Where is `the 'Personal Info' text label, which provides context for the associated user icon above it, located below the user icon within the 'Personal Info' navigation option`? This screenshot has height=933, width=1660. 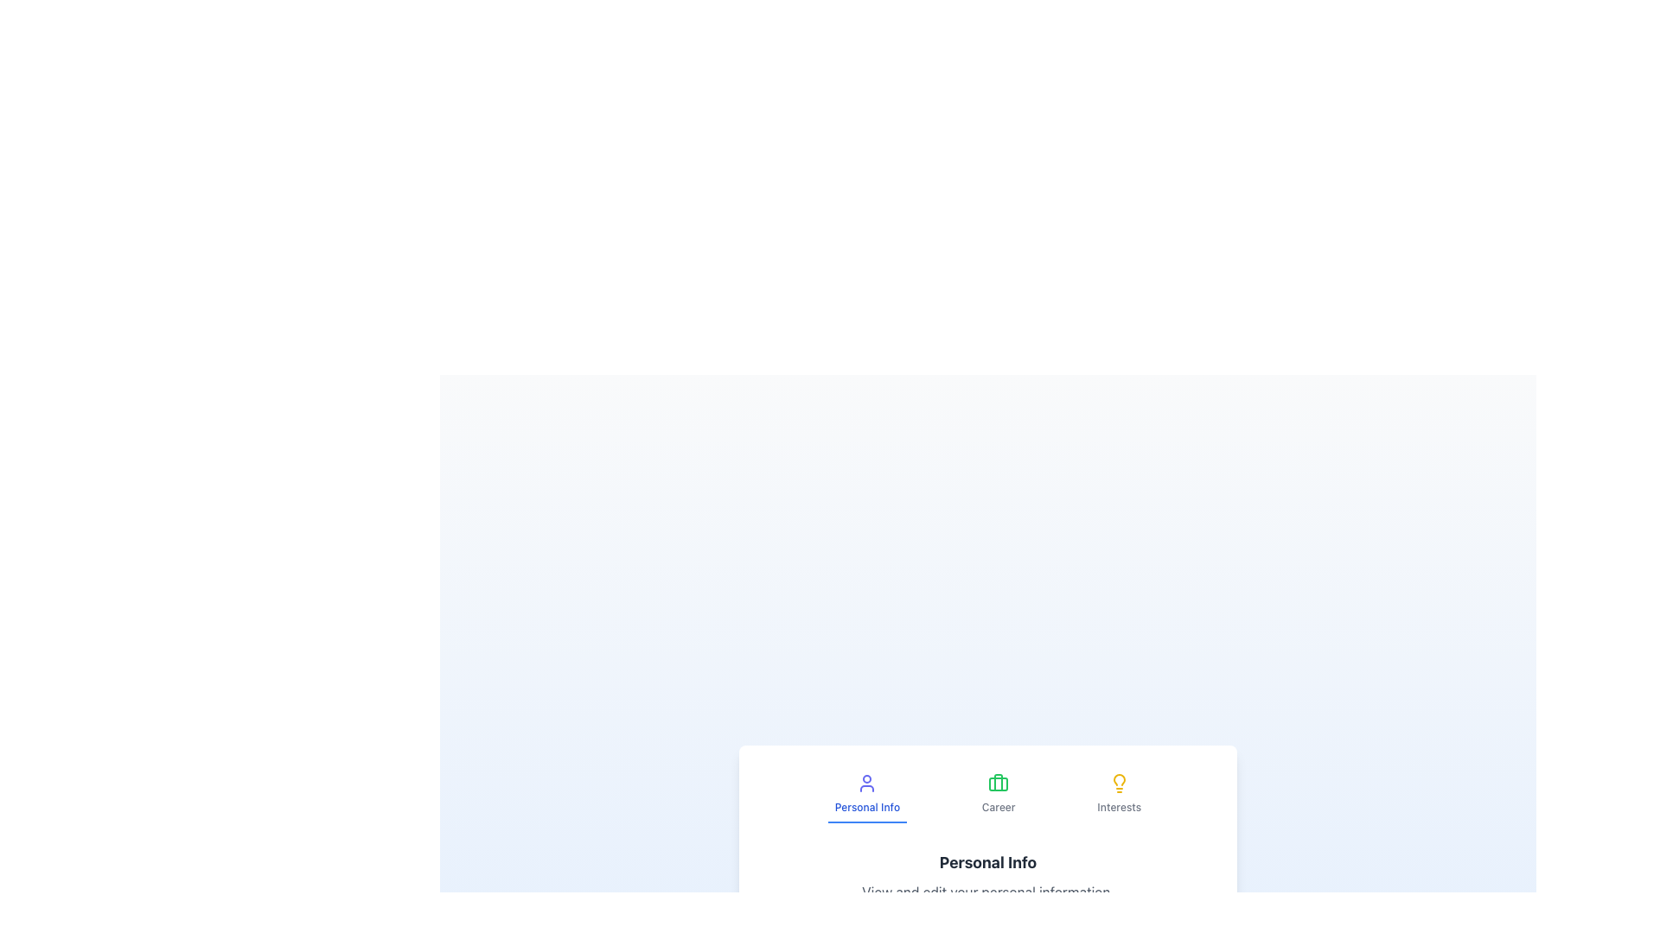 the 'Personal Info' text label, which provides context for the associated user icon above it, located below the user icon within the 'Personal Info' navigation option is located at coordinates (867, 807).